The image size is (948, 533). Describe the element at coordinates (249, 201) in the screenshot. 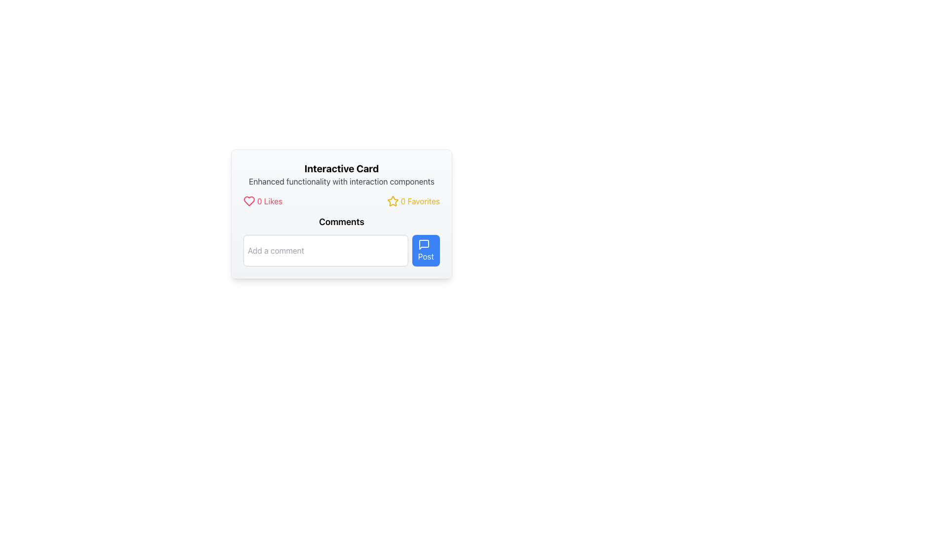

I see `the heart-shaped red icon located to the left of the '0 Likes' text within the interactive card interface` at that location.